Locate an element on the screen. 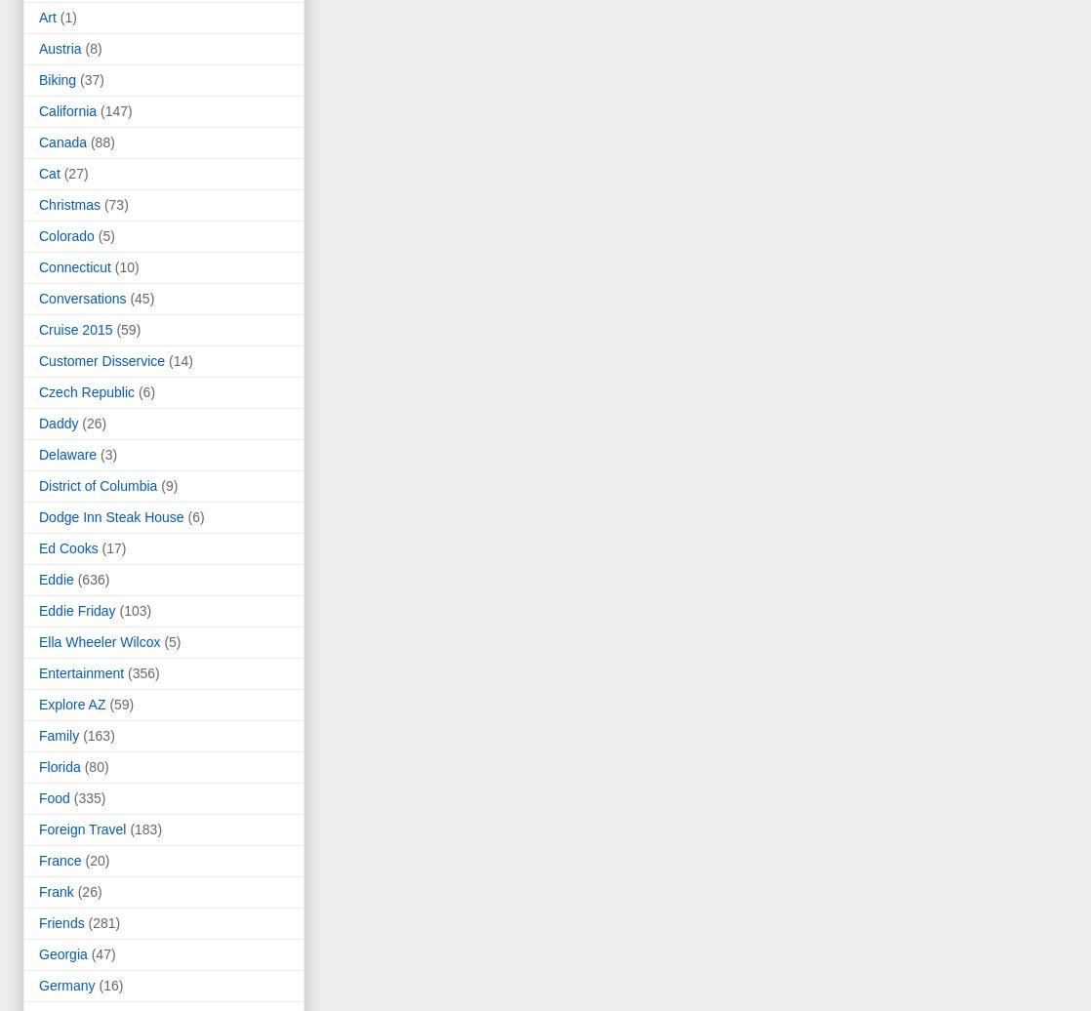 Image resolution: width=1091 pixels, height=1011 pixels. 'Ed Cooks' is located at coordinates (39, 548).